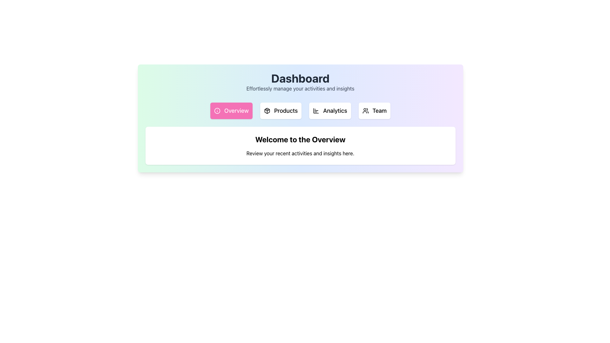  Describe the element at coordinates (267, 110) in the screenshot. I see `the 'Products' SVG Icon located in the navigation bar, which is the second button from the left among 'Overview', 'Analytics', and 'Team'` at that location.